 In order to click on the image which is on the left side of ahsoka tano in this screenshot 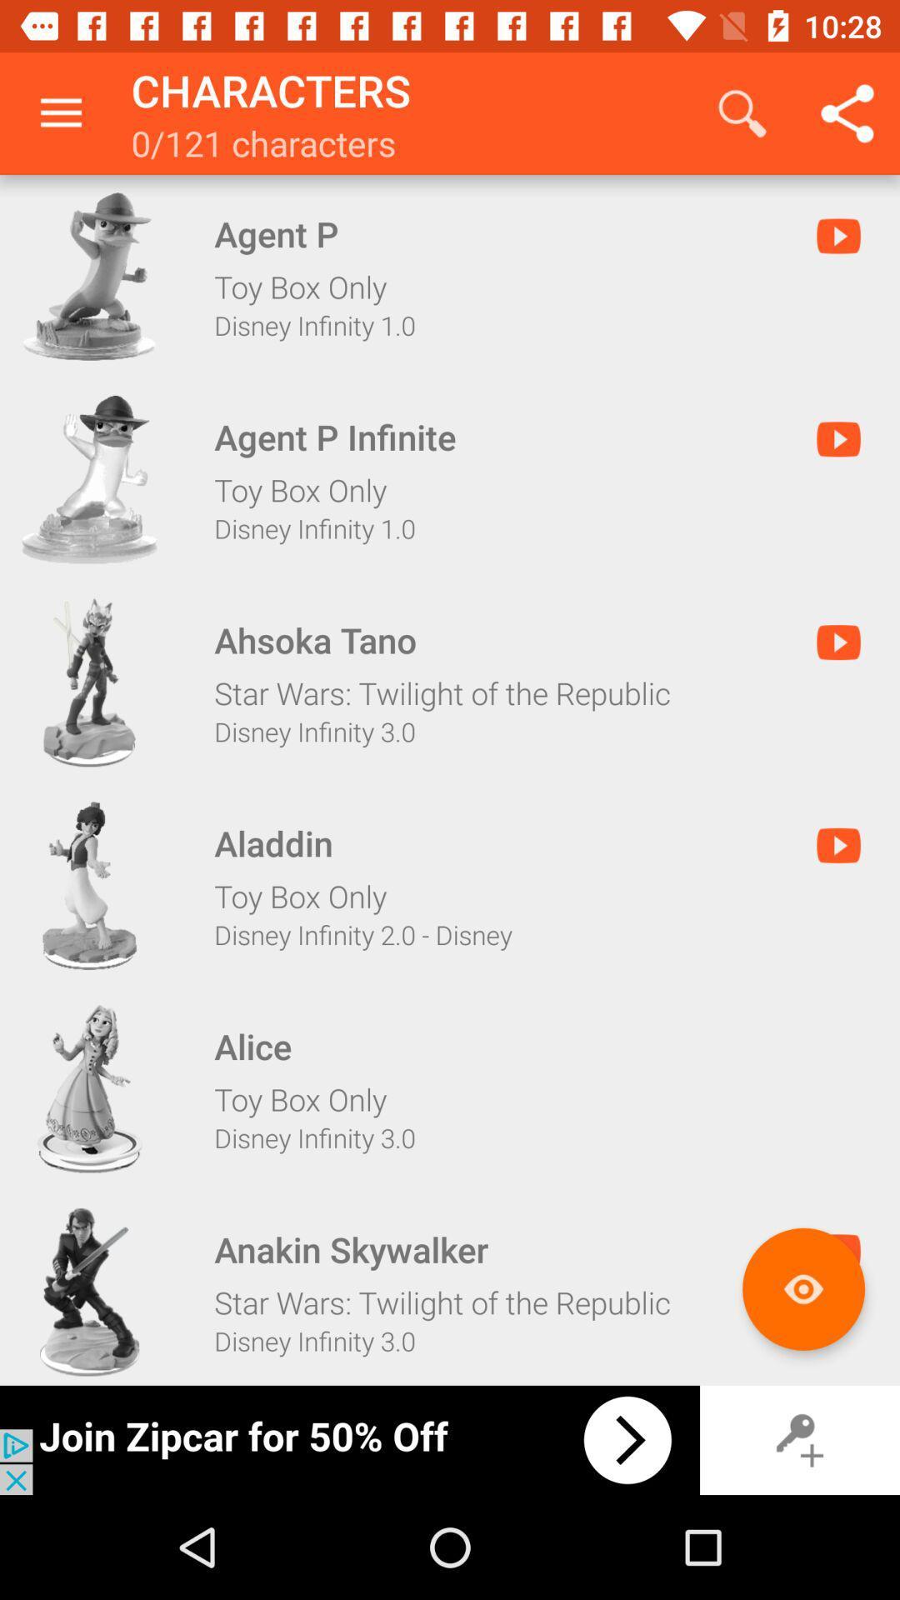, I will do `click(90, 682)`.